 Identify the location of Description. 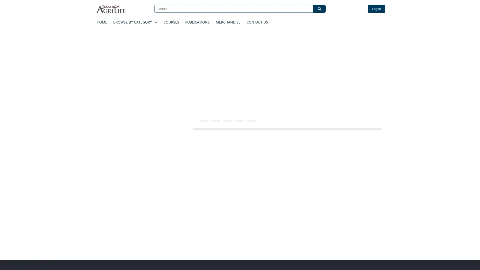
(291, 128).